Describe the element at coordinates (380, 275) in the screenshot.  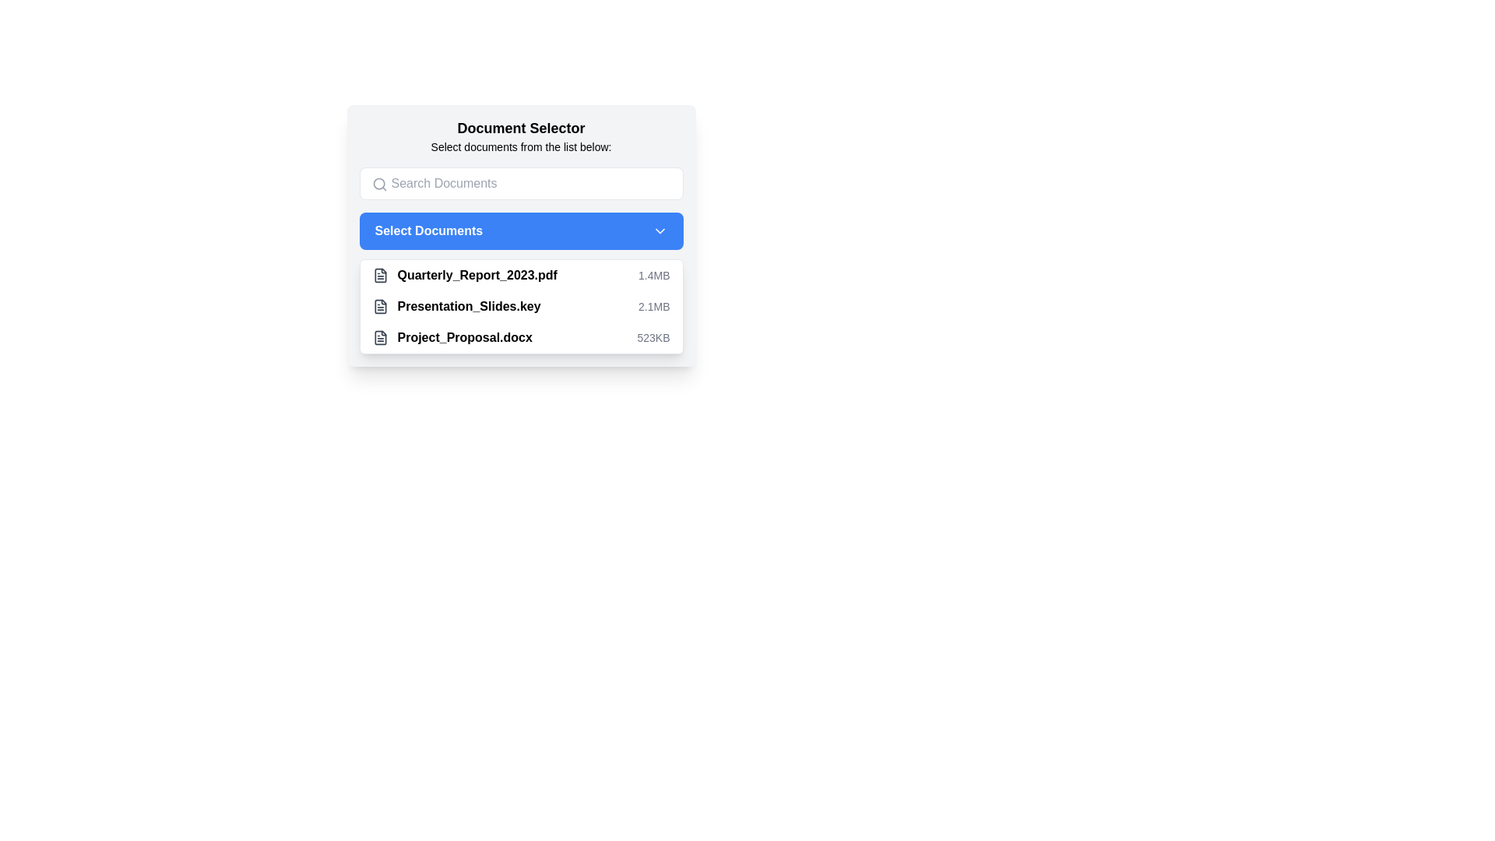
I see `PDF file icon representing 'Quarterly_Report_2023.pdf' located at the far left of the row containing the text` at that location.